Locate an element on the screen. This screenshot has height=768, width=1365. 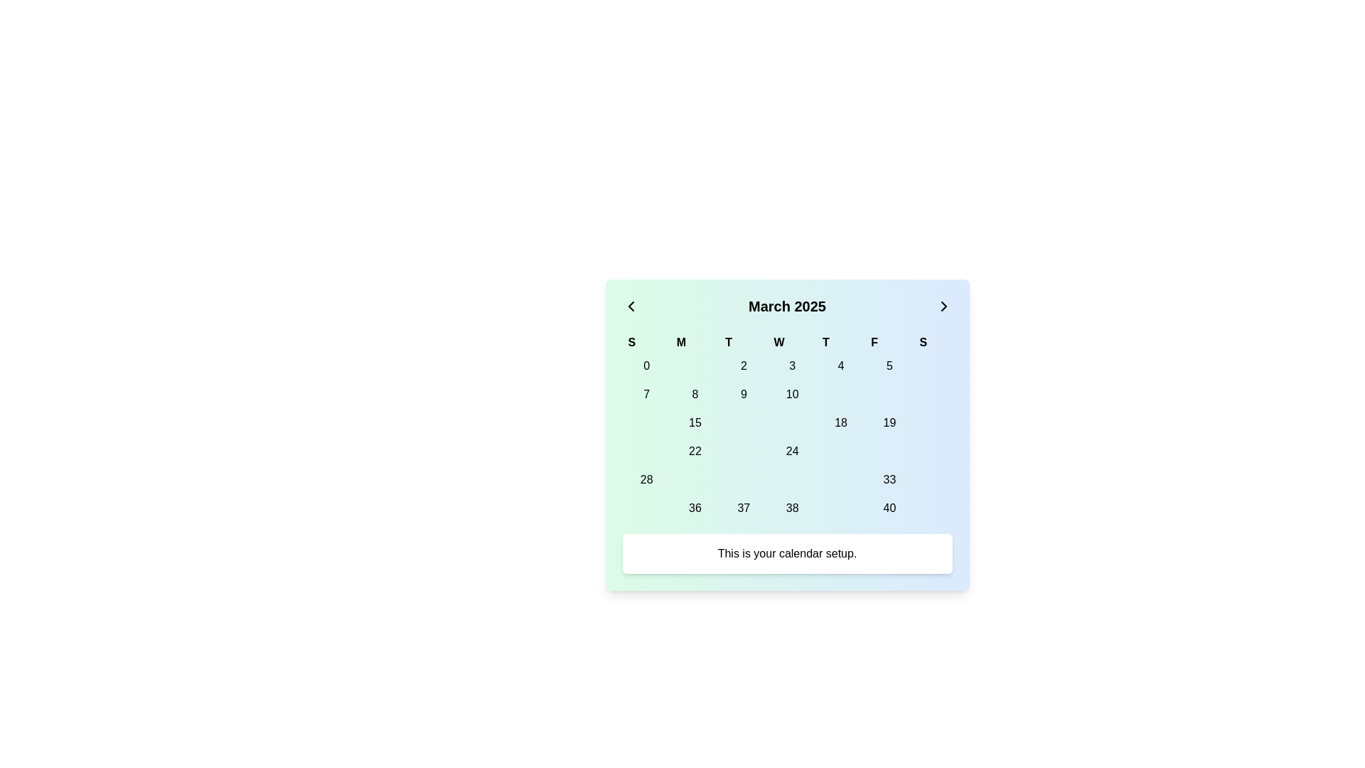
the UI indicator located in the seventh column of the calendar dates row, positioned at the bottom-right corner of the calendar grid panel is located at coordinates (933, 422).